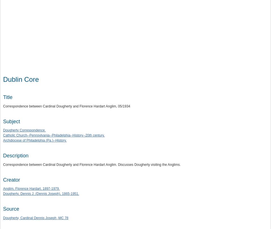 The width and height of the screenshot is (271, 229). What do you see at coordinates (11, 121) in the screenshot?
I see `'Subject'` at bounding box center [11, 121].